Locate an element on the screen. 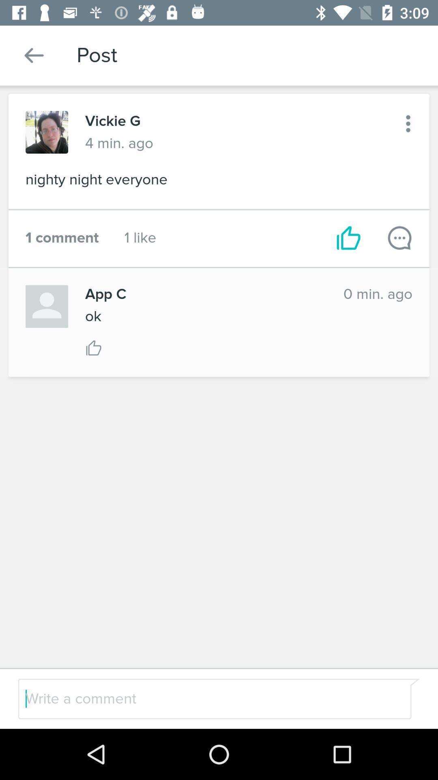 This screenshot has width=438, height=780. no picture uploaded is located at coordinates (47, 306).